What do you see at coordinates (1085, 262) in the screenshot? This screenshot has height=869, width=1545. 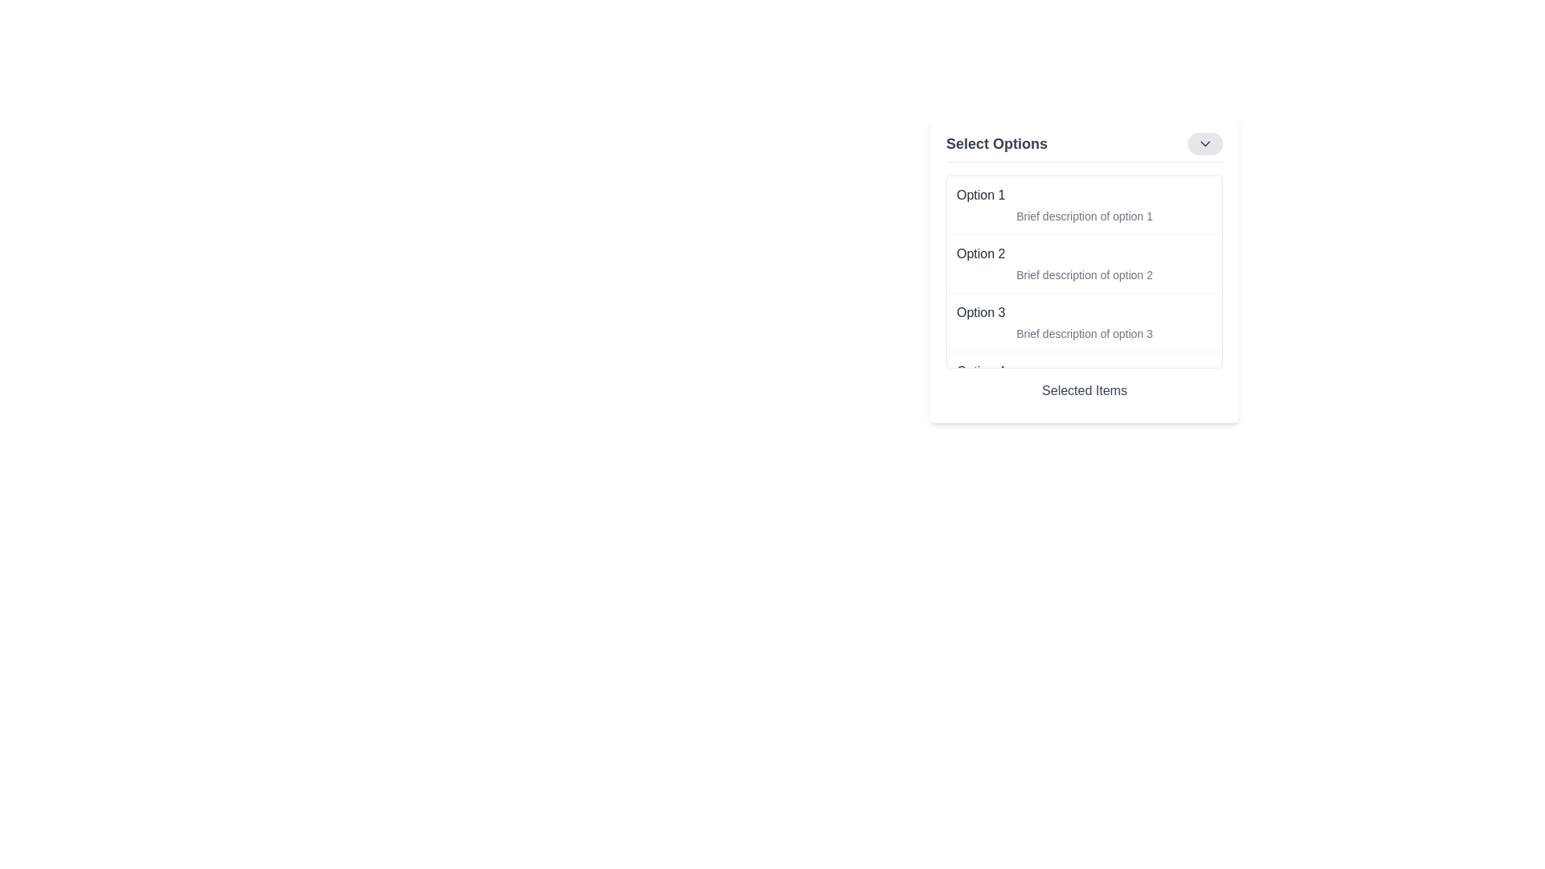 I see `the second item in the list, labeled 'Option 2'` at bounding box center [1085, 262].